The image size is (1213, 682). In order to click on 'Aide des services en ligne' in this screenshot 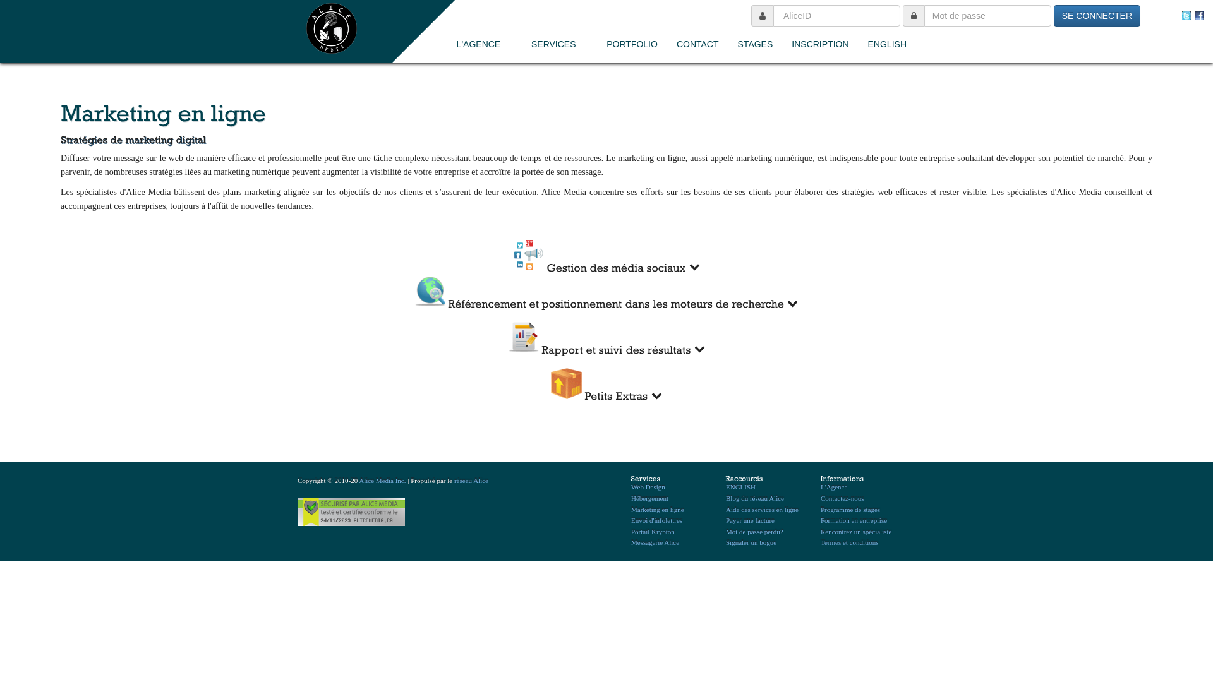, I will do `click(761, 508)`.